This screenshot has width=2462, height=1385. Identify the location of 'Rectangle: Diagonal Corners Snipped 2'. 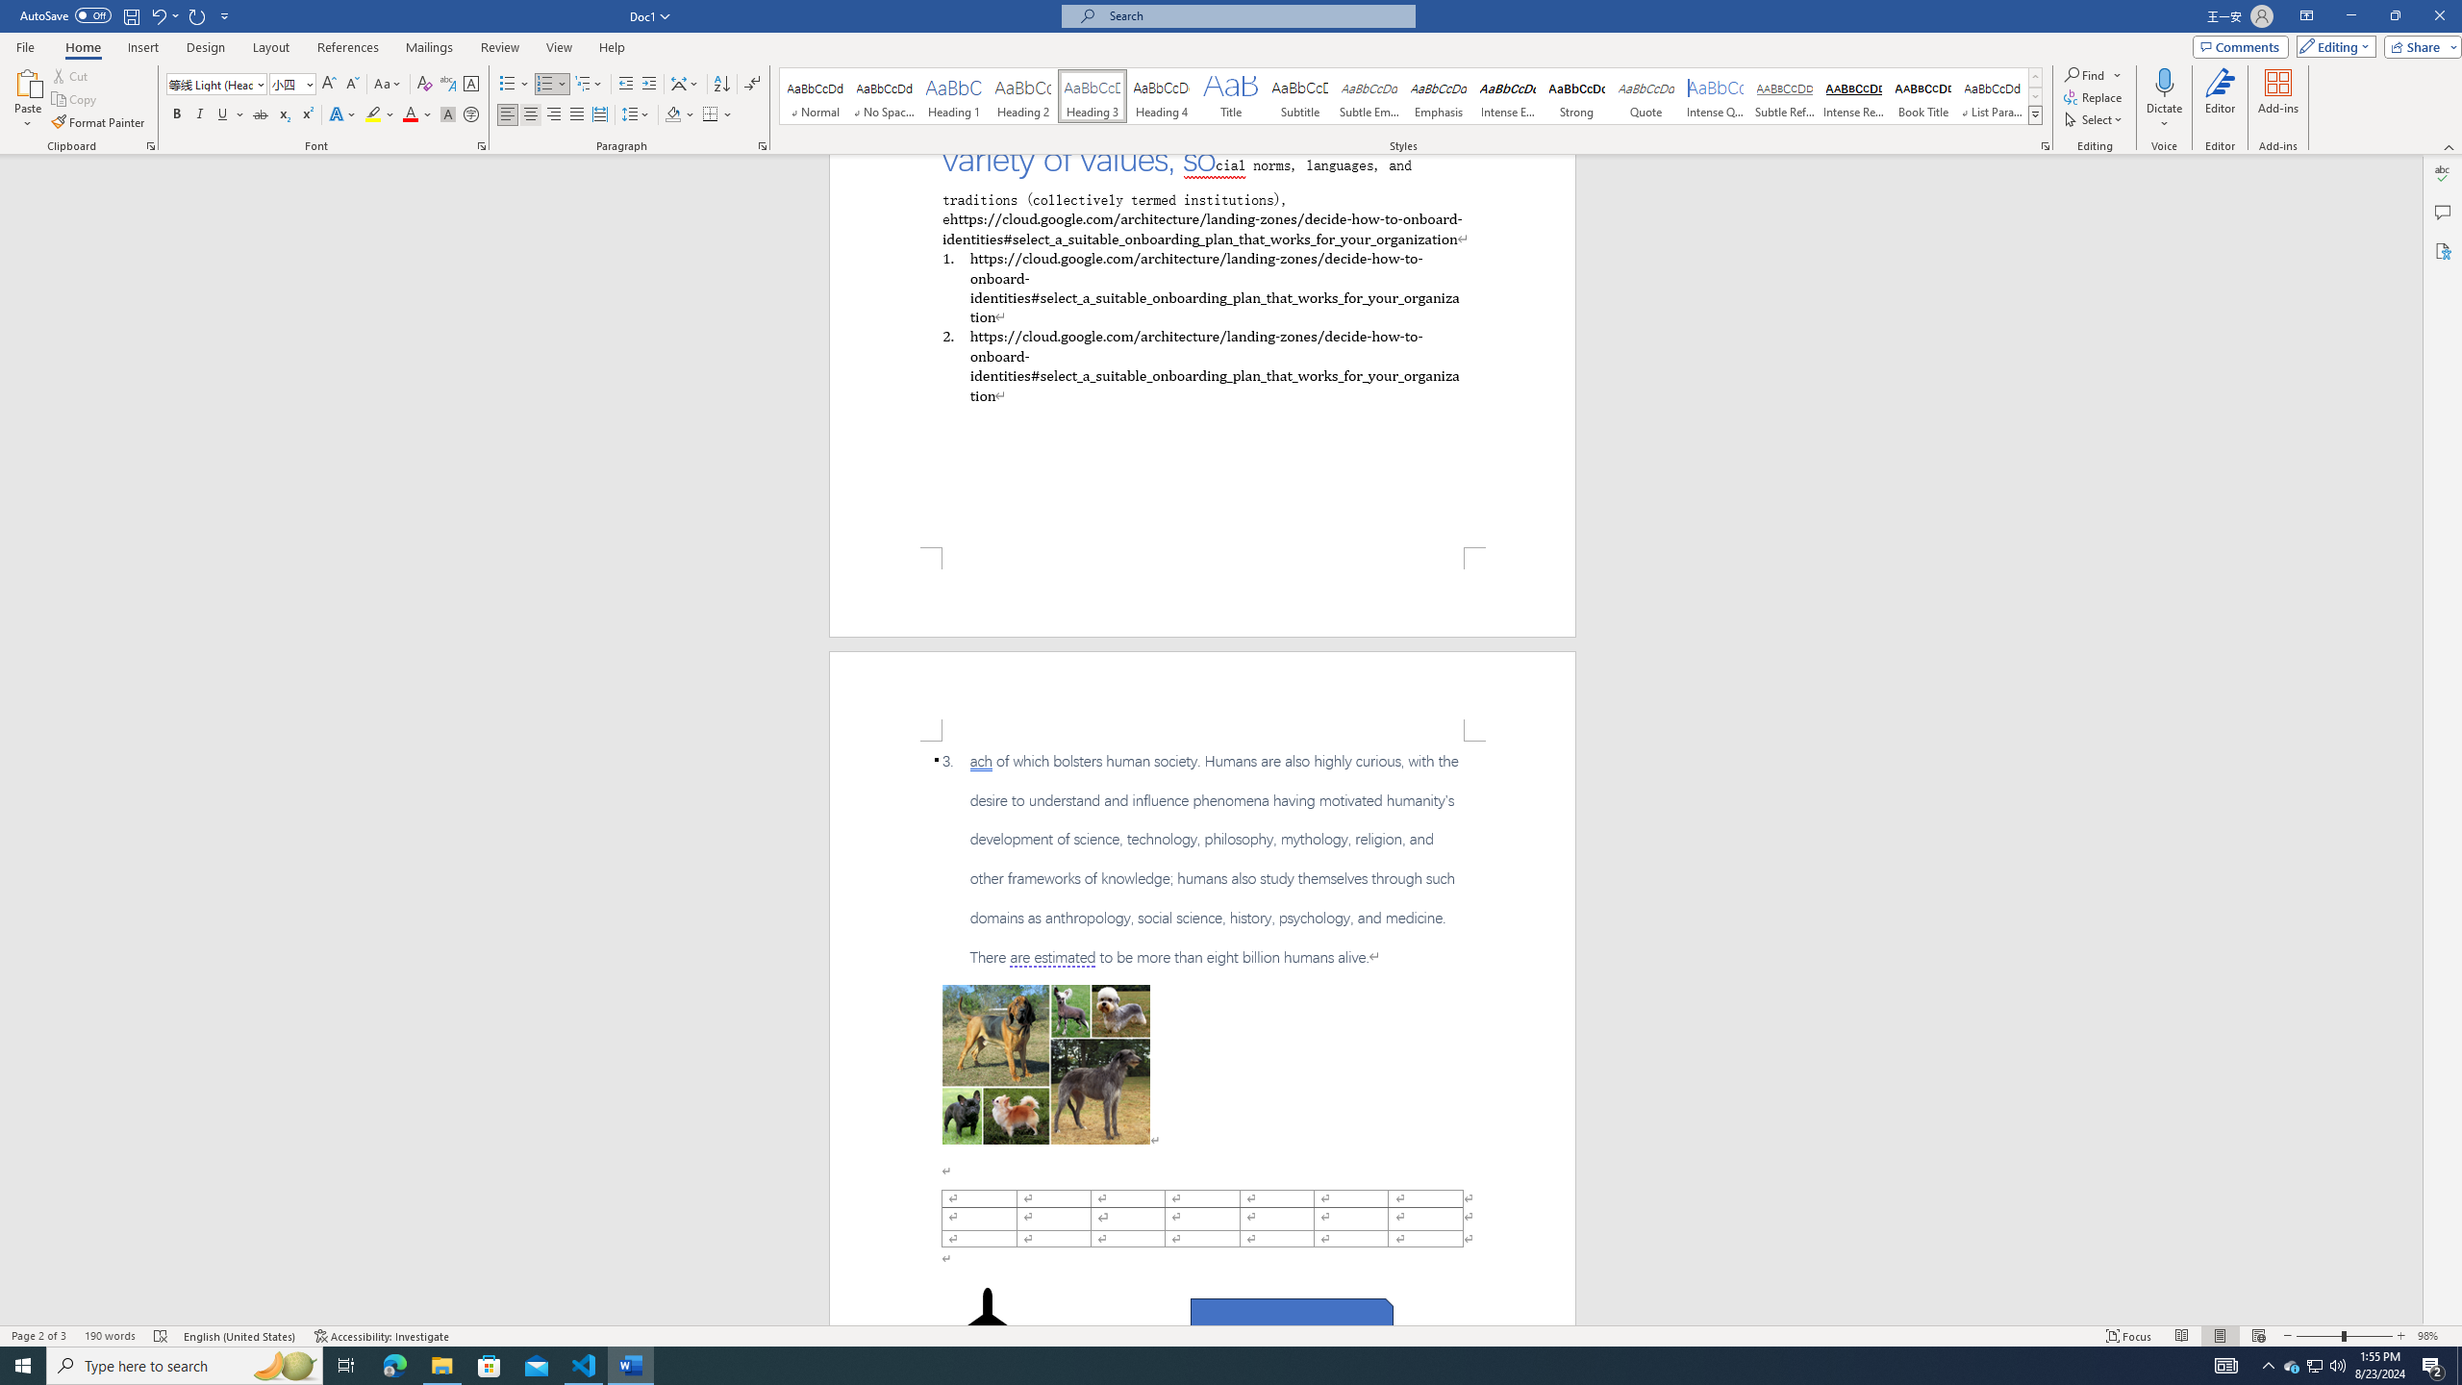
(1293, 1320).